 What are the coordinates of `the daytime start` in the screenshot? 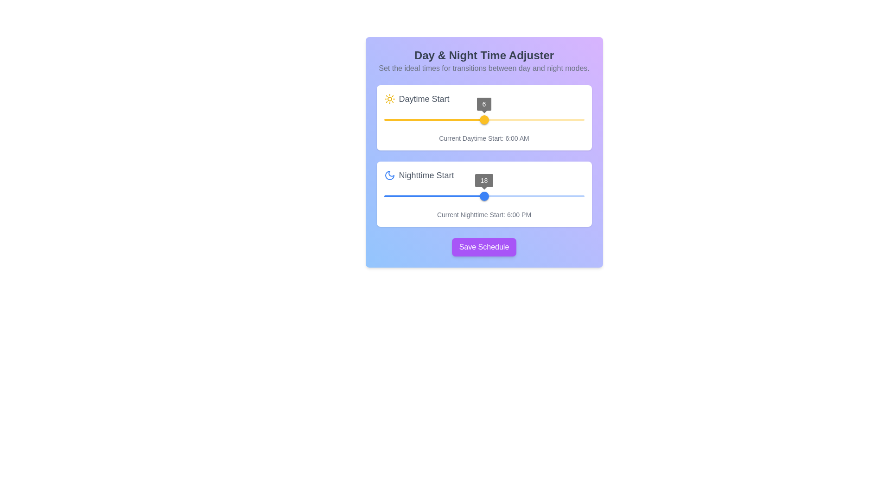 It's located at (509, 119).